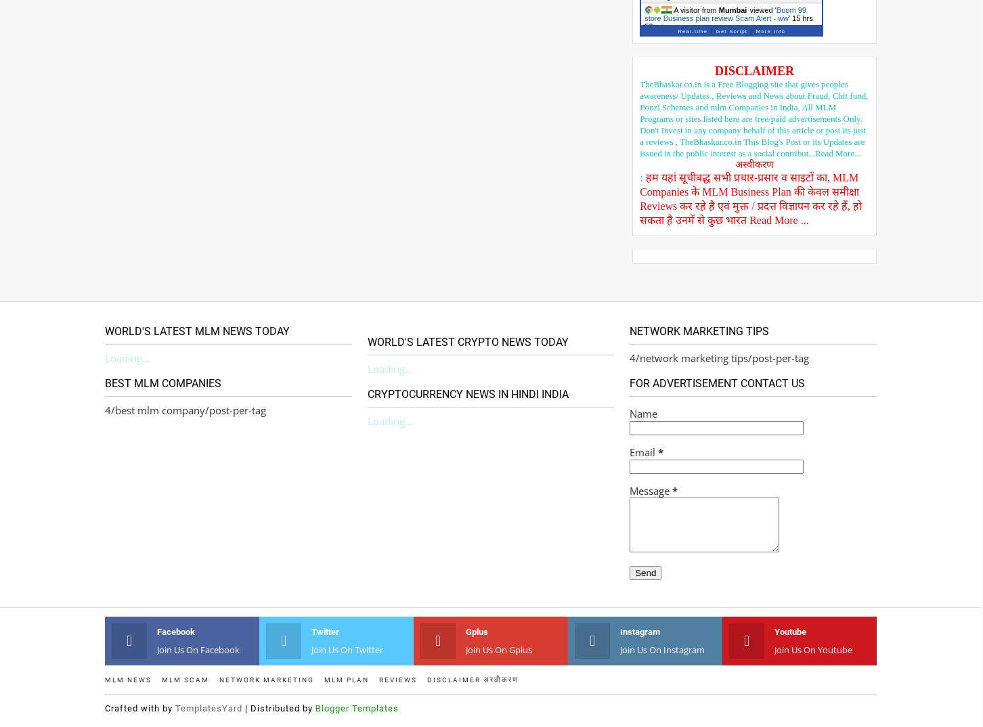  I want to click on 'gplus', so click(464, 631).